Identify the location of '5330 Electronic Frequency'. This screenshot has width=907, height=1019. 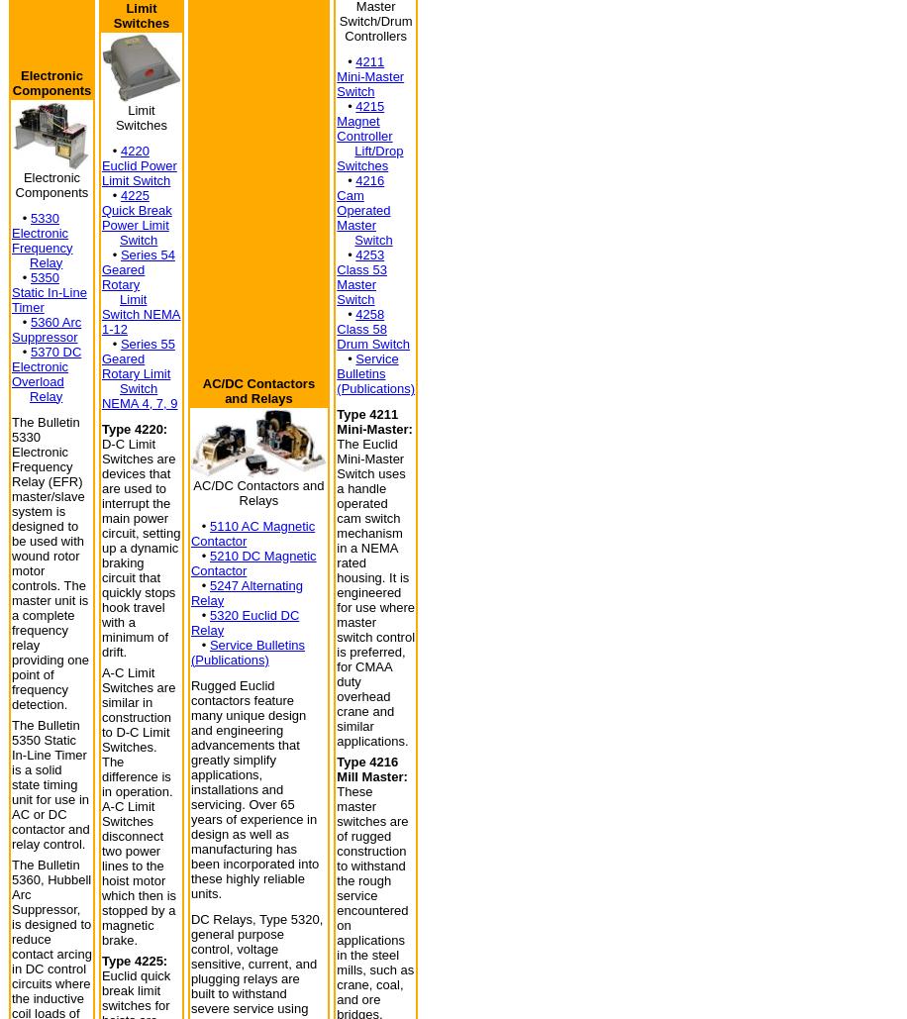
(11, 231).